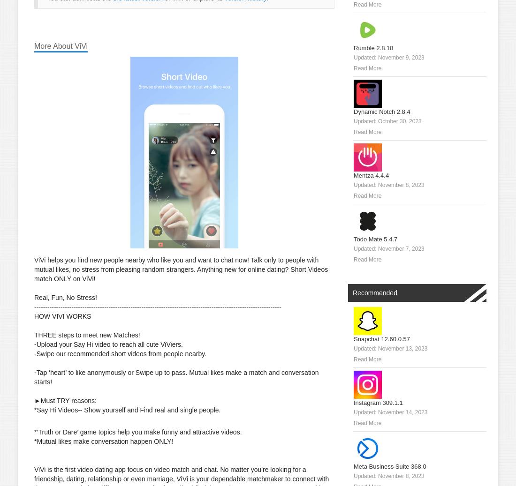 The height and width of the screenshot is (486, 516). What do you see at coordinates (388, 57) in the screenshot?
I see `'Updated: November 9, 2023'` at bounding box center [388, 57].